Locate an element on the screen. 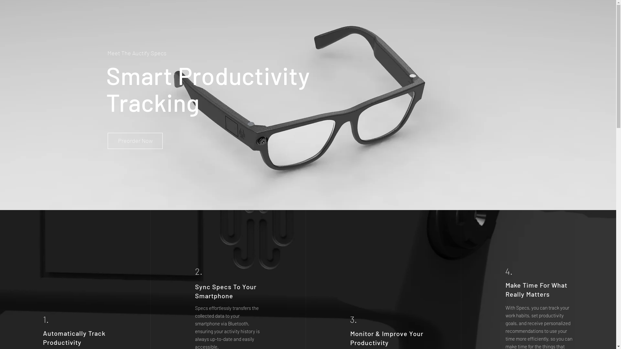 This screenshot has height=349, width=621. 'Preorder Now' is located at coordinates (135, 140).